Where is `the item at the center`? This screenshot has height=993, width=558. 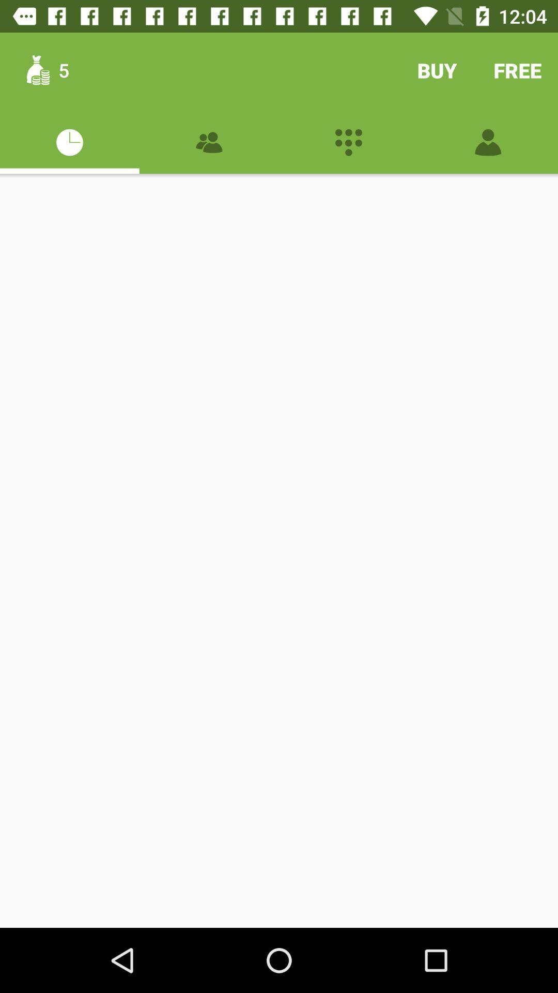 the item at the center is located at coordinates (279, 550).